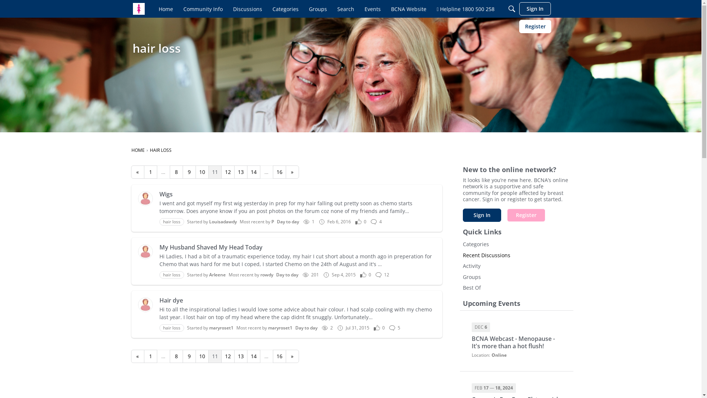 Image resolution: width=707 pixels, height=398 pixels. Describe the element at coordinates (516, 336) in the screenshot. I see `'DEC 6` at that location.